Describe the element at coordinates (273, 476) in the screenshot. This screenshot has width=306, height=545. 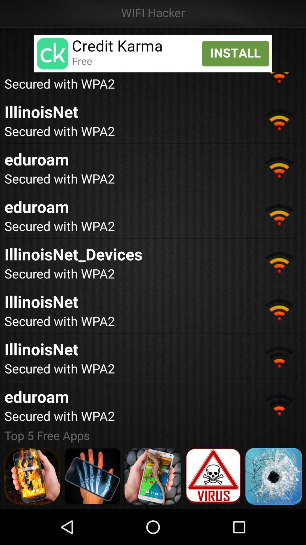
I see `advertisement` at that location.